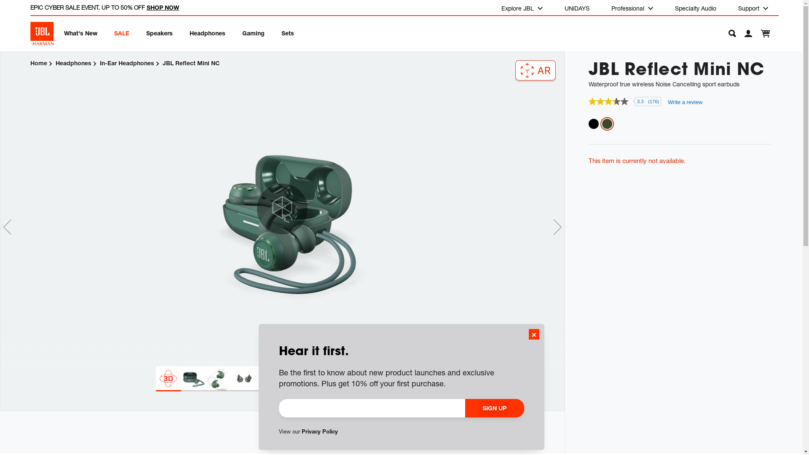 Image resolution: width=809 pixels, height=455 pixels. I want to click on 'Green', so click(607, 123).